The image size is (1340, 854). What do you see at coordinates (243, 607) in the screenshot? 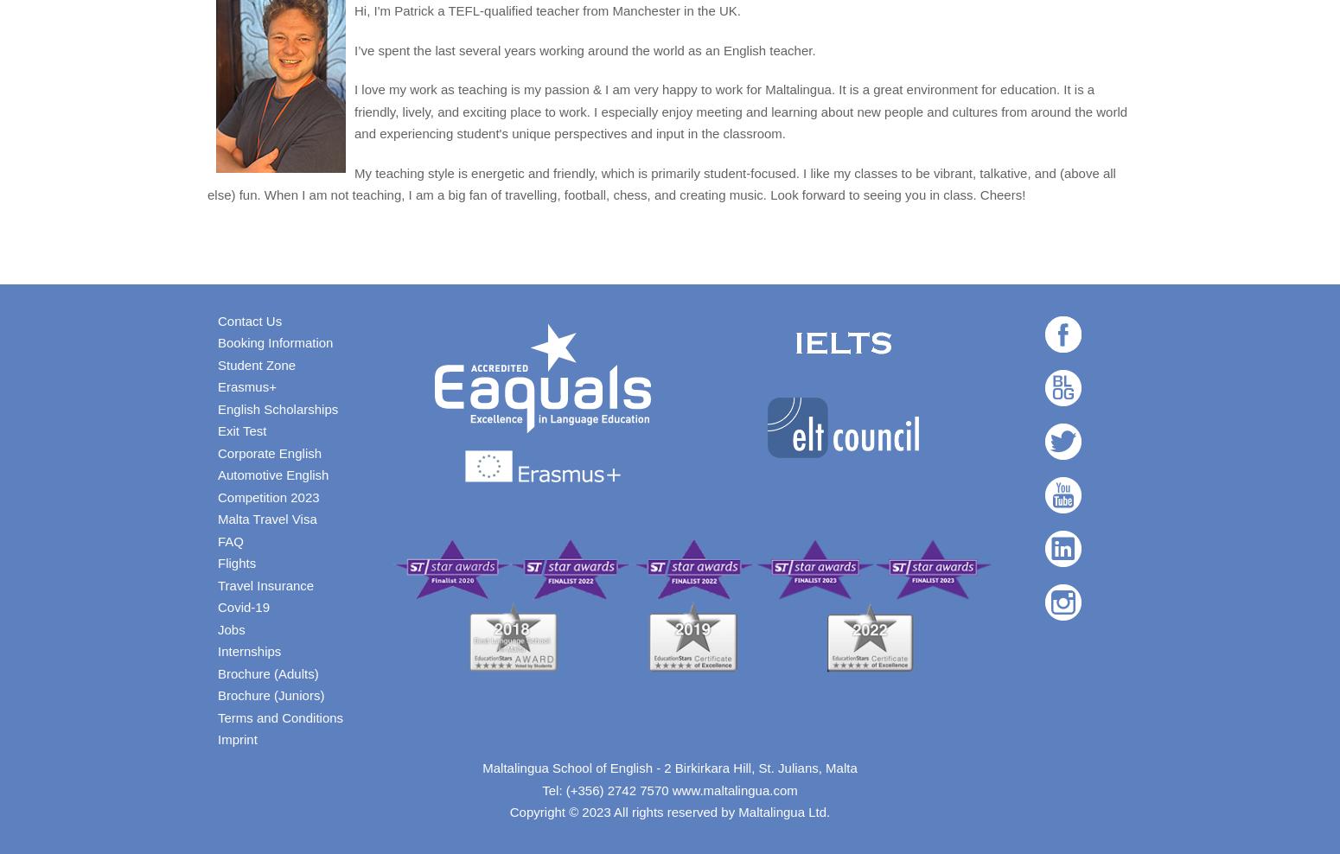
I see `'Covid-19'` at bounding box center [243, 607].